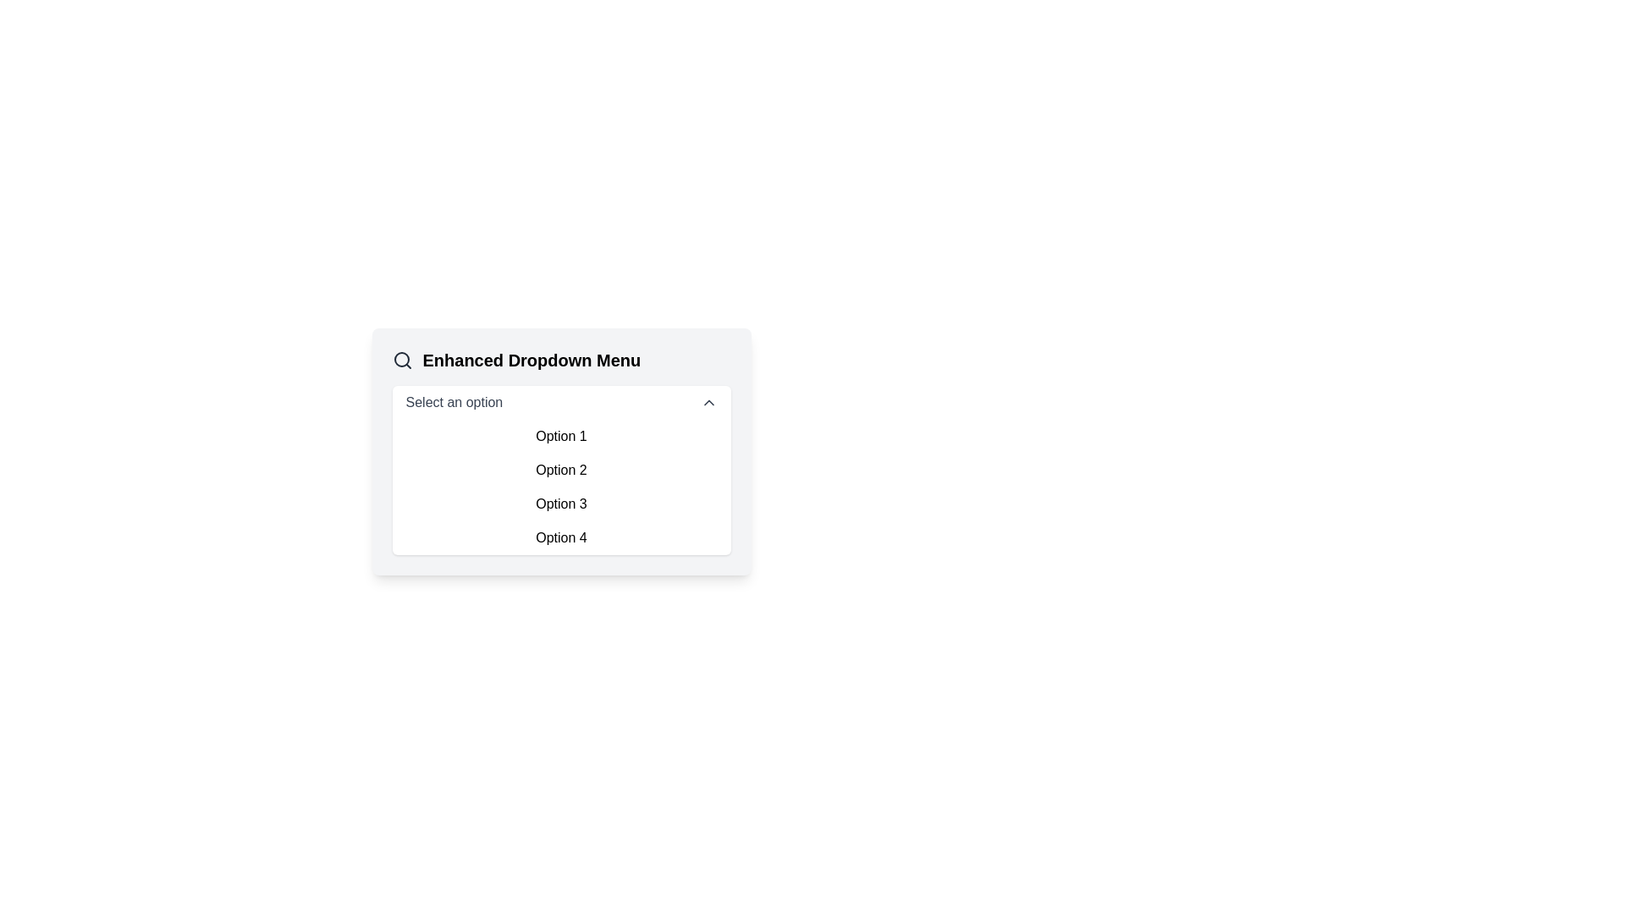 This screenshot has width=1625, height=914. What do you see at coordinates (400, 358) in the screenshot?
I see `the circular element with a black outline, which is part of the magnifying glass icon located in the top-left corner above the dropdown interface` at bounding box center [400, 358].